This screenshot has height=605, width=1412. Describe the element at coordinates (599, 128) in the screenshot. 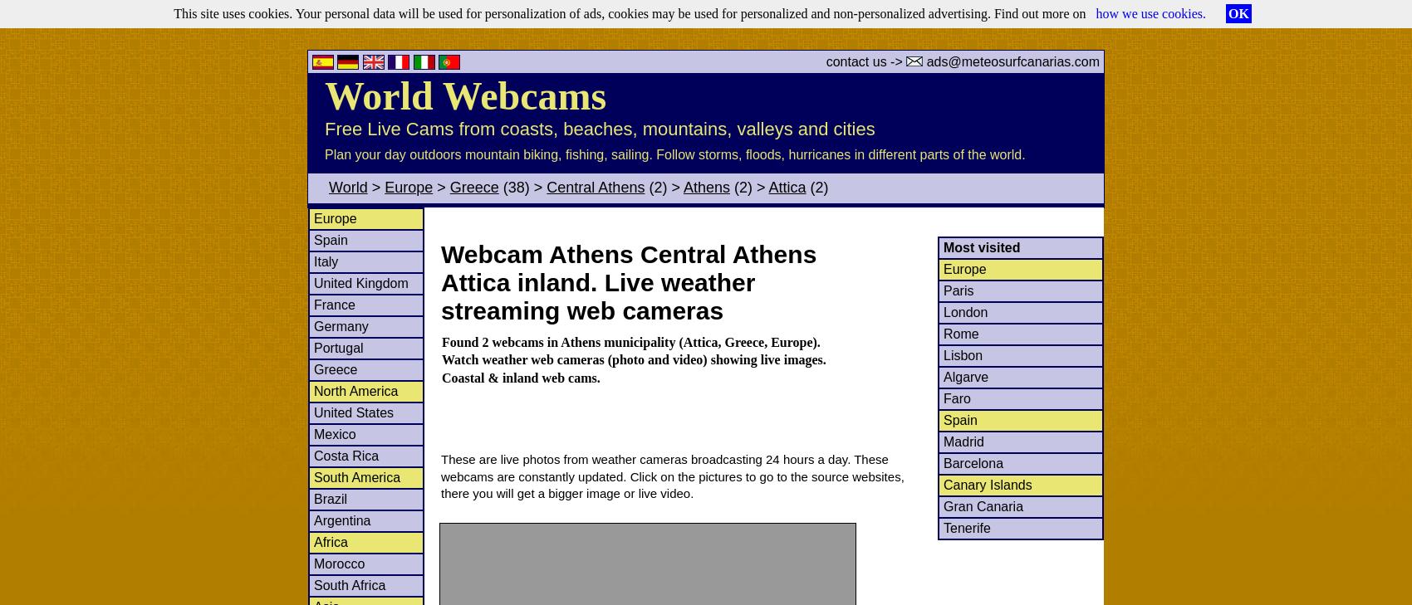

I see `'Free Live Cams from coasts, beaches, mountains, valleys and cities'` at that location.